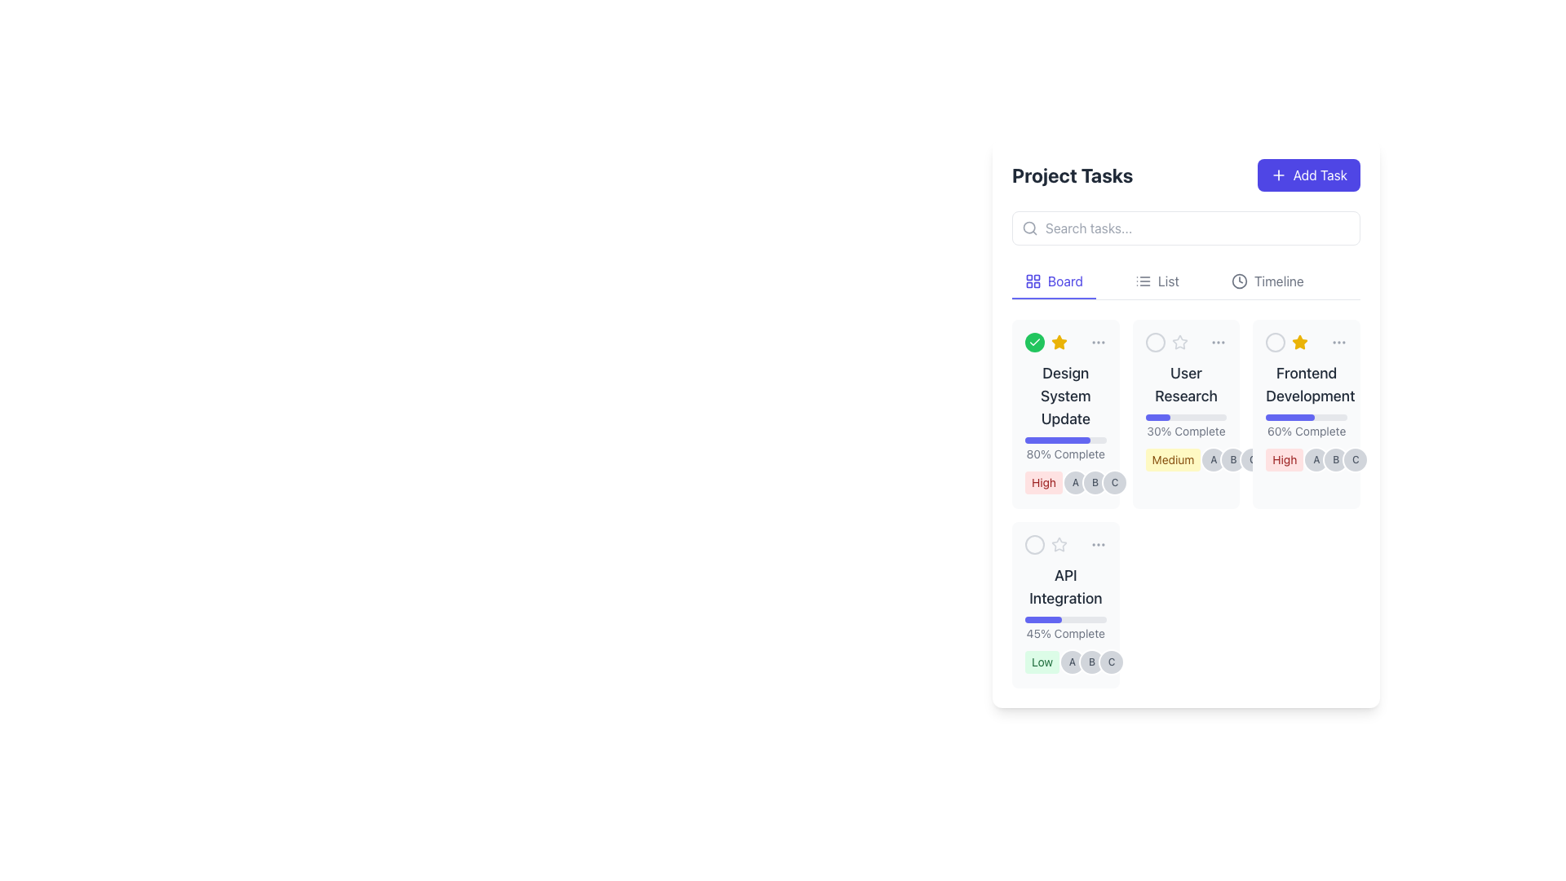  Describe the element at coordinates (1064, 604) in the screenshot. I see `the title of the 'API Integration' task card, which is the fourth card in the grid layout located at the bottom-left corner of the visible task area` at that location.